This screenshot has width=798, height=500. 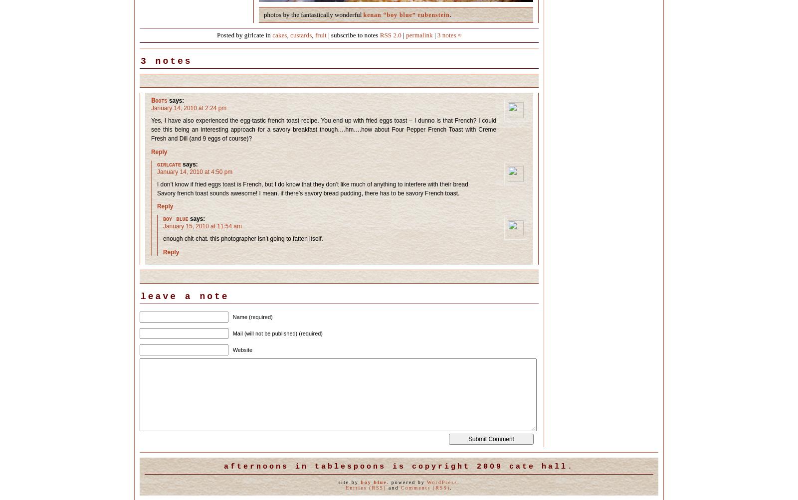 What do you see at coordinates (277, 333) in the screenshot?
I see `'Mail (will not be published) (required)'` at bounding box center [277, 333].